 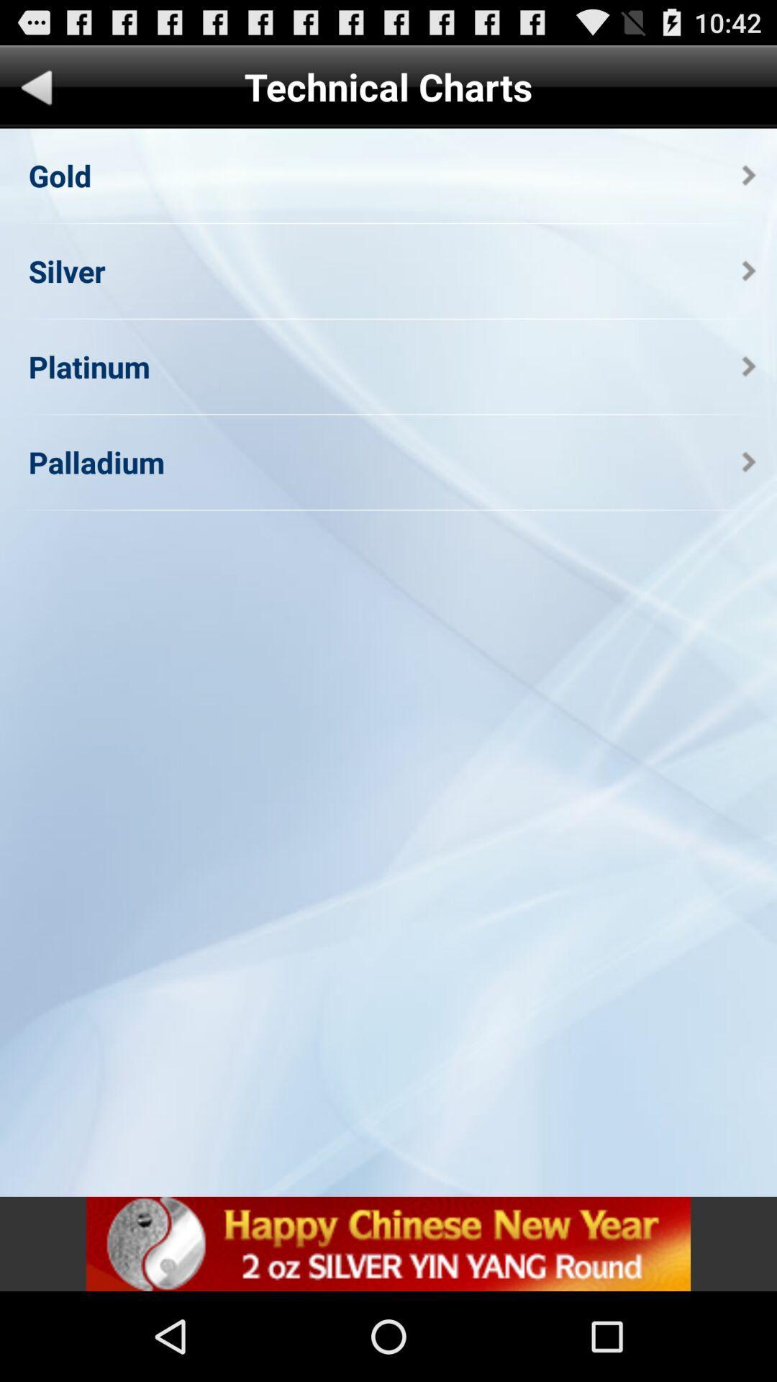 What do you see at coordinates (96, 462) in the screenshot?
I see `icon below platinum app` at bounding box center [96, 462].